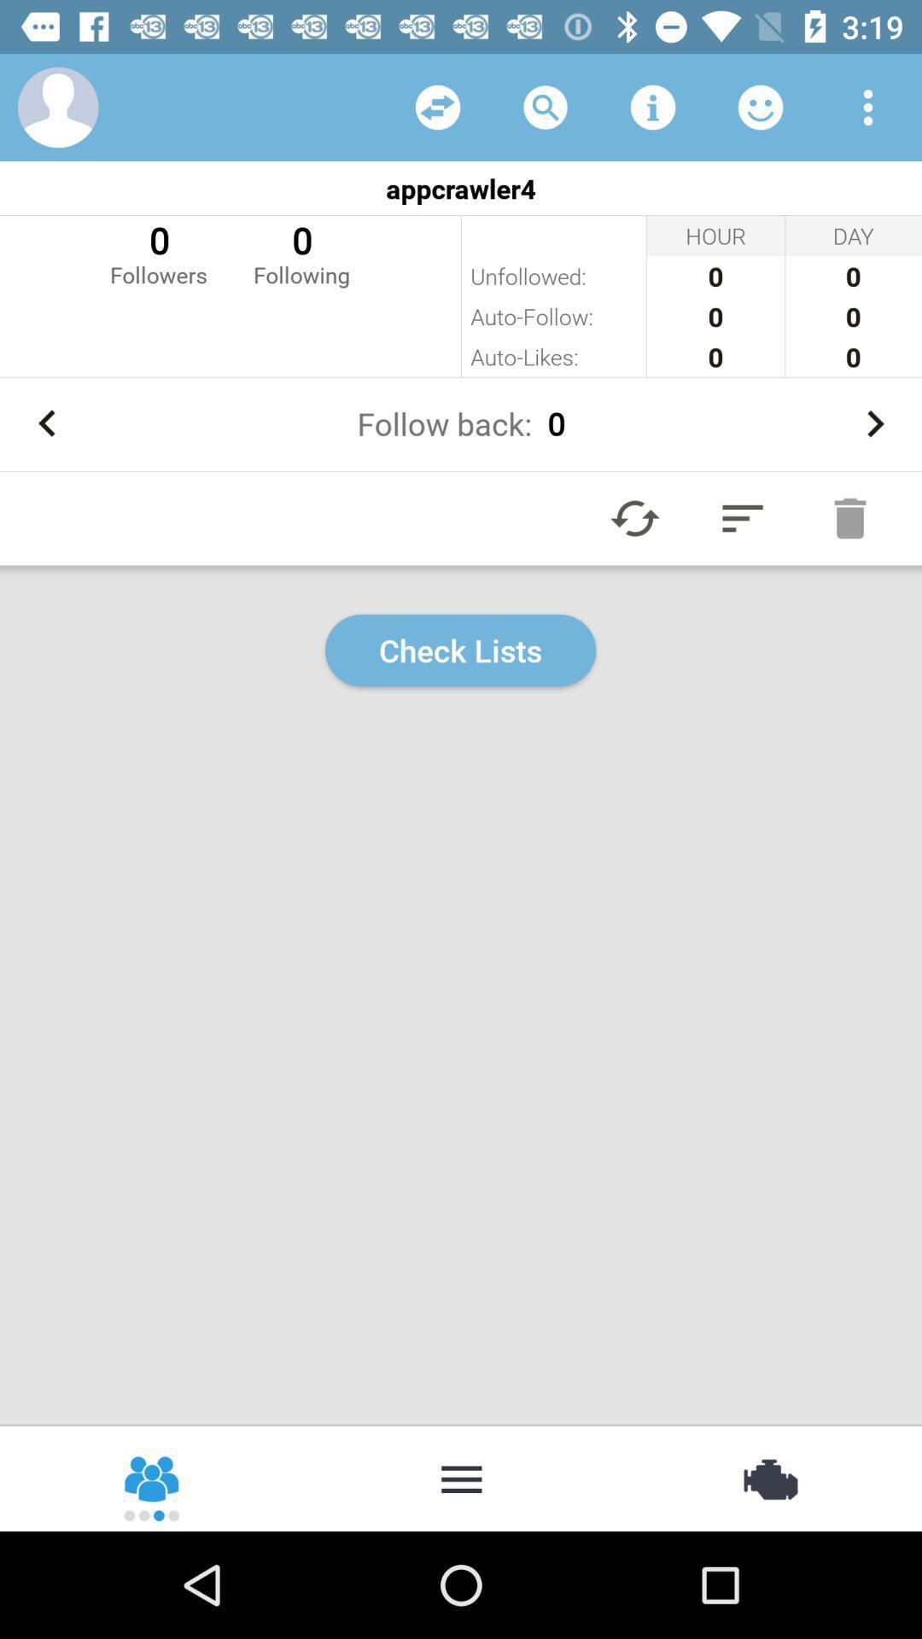 The height and width of the screenshot is (1639, 922). What do you see at coordinates (874, 423) in the screenshot?
I see `the arrow_forward icon` at bounding box center [874, 423].